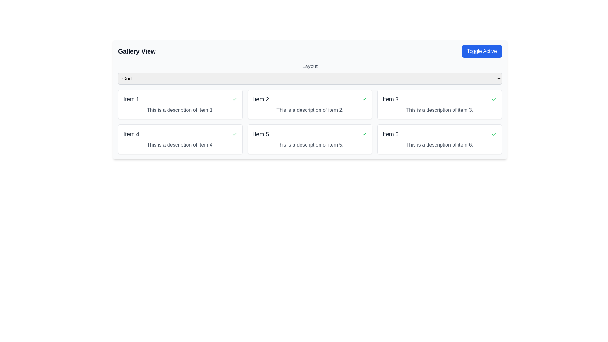 The image size is (608, 342). What do you see at coordinates (131, 99) in the screenshot?
I see `the text label that serves as the title for the first item in the grid layout, located at the top-left corner of the first card` at bounding box center [131, 99].